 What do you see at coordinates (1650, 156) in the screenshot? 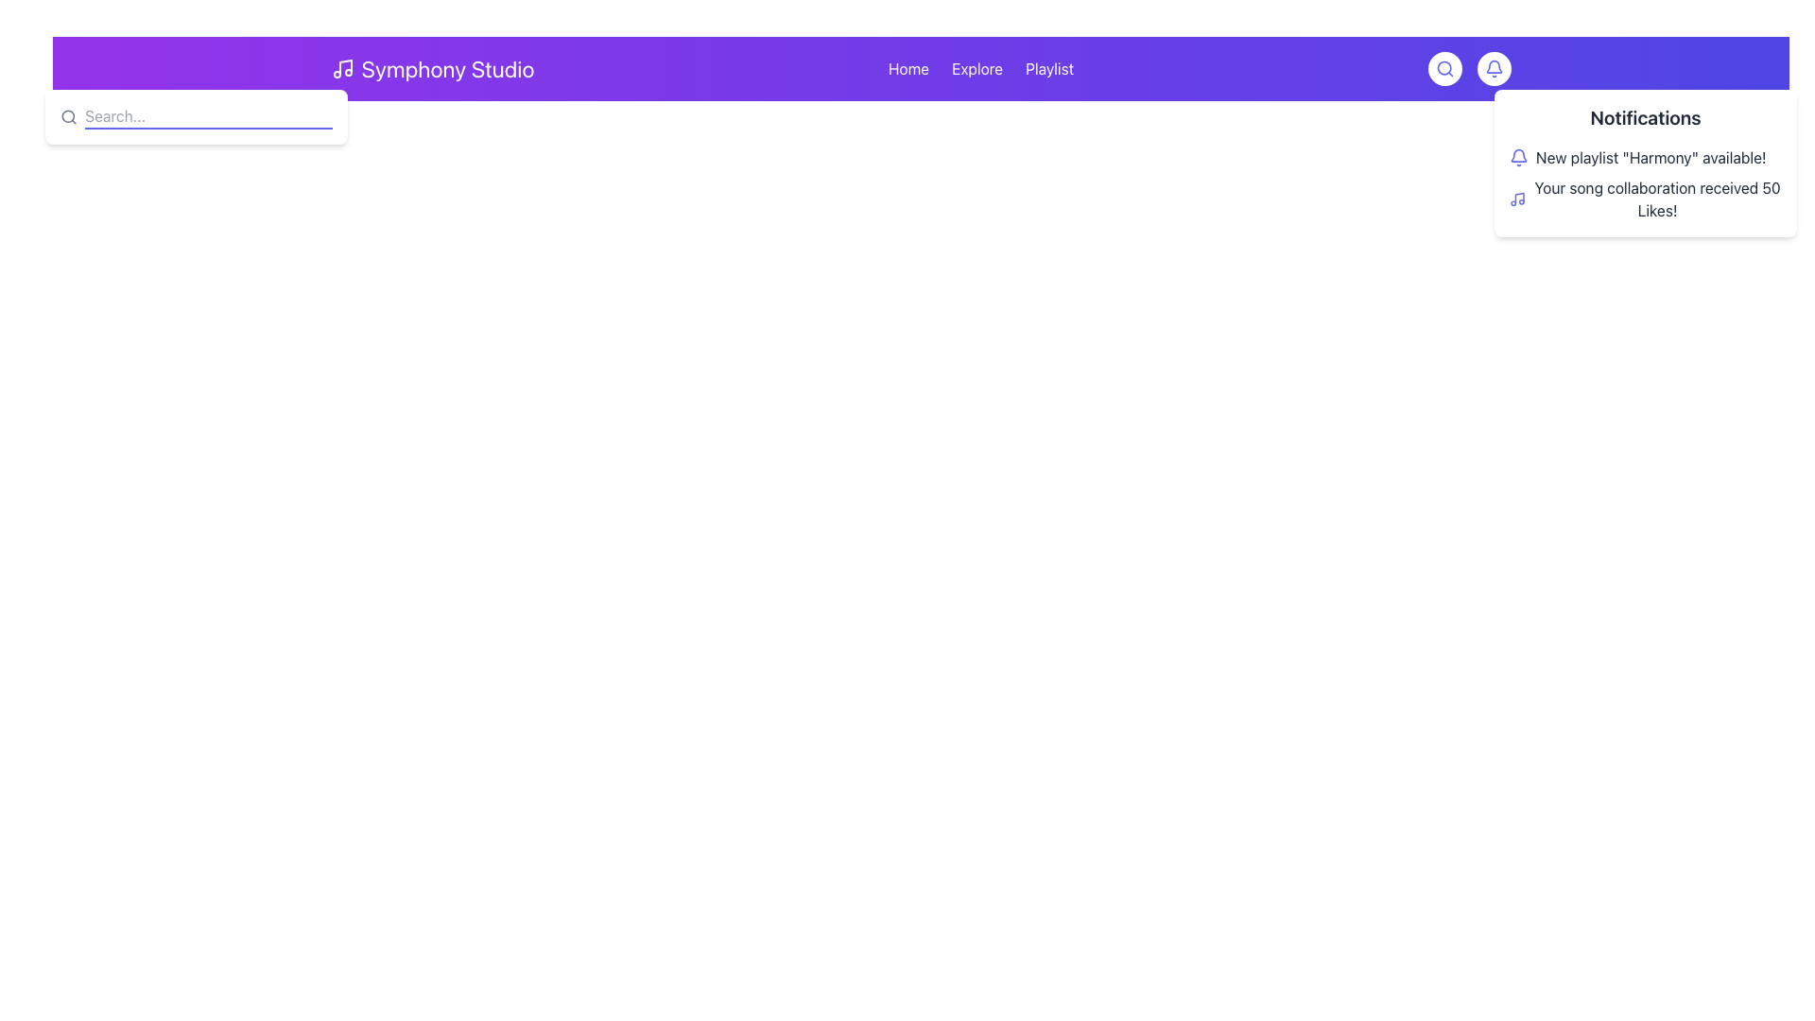
I see `text from the notifications panel displaying 'New playlist "Harmony" available!' which is styled in dark gray lettering and located below the bell icon` at bounding box center [1650, 156].